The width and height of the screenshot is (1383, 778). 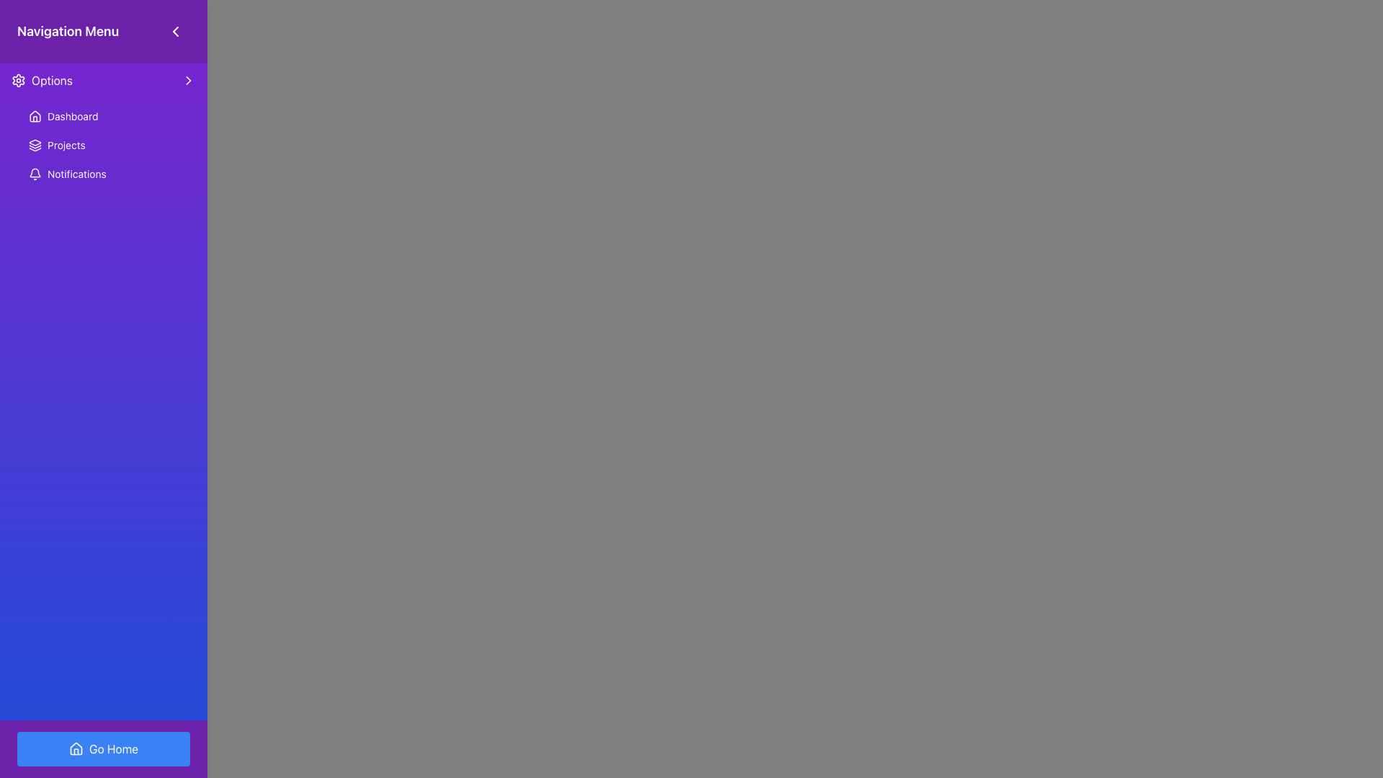 I want to click on the bottom center button that navigates to the home page, so click(x=103, y=748).